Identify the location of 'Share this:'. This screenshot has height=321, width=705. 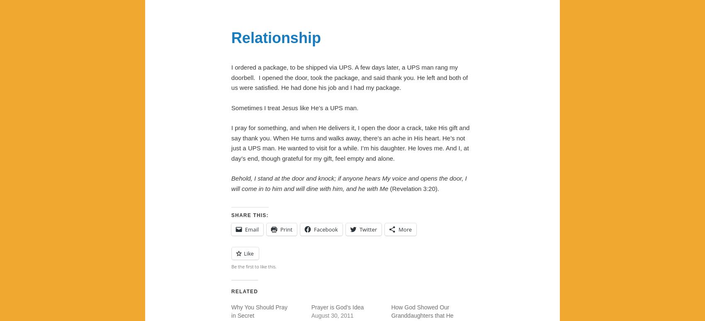
(249, 215).